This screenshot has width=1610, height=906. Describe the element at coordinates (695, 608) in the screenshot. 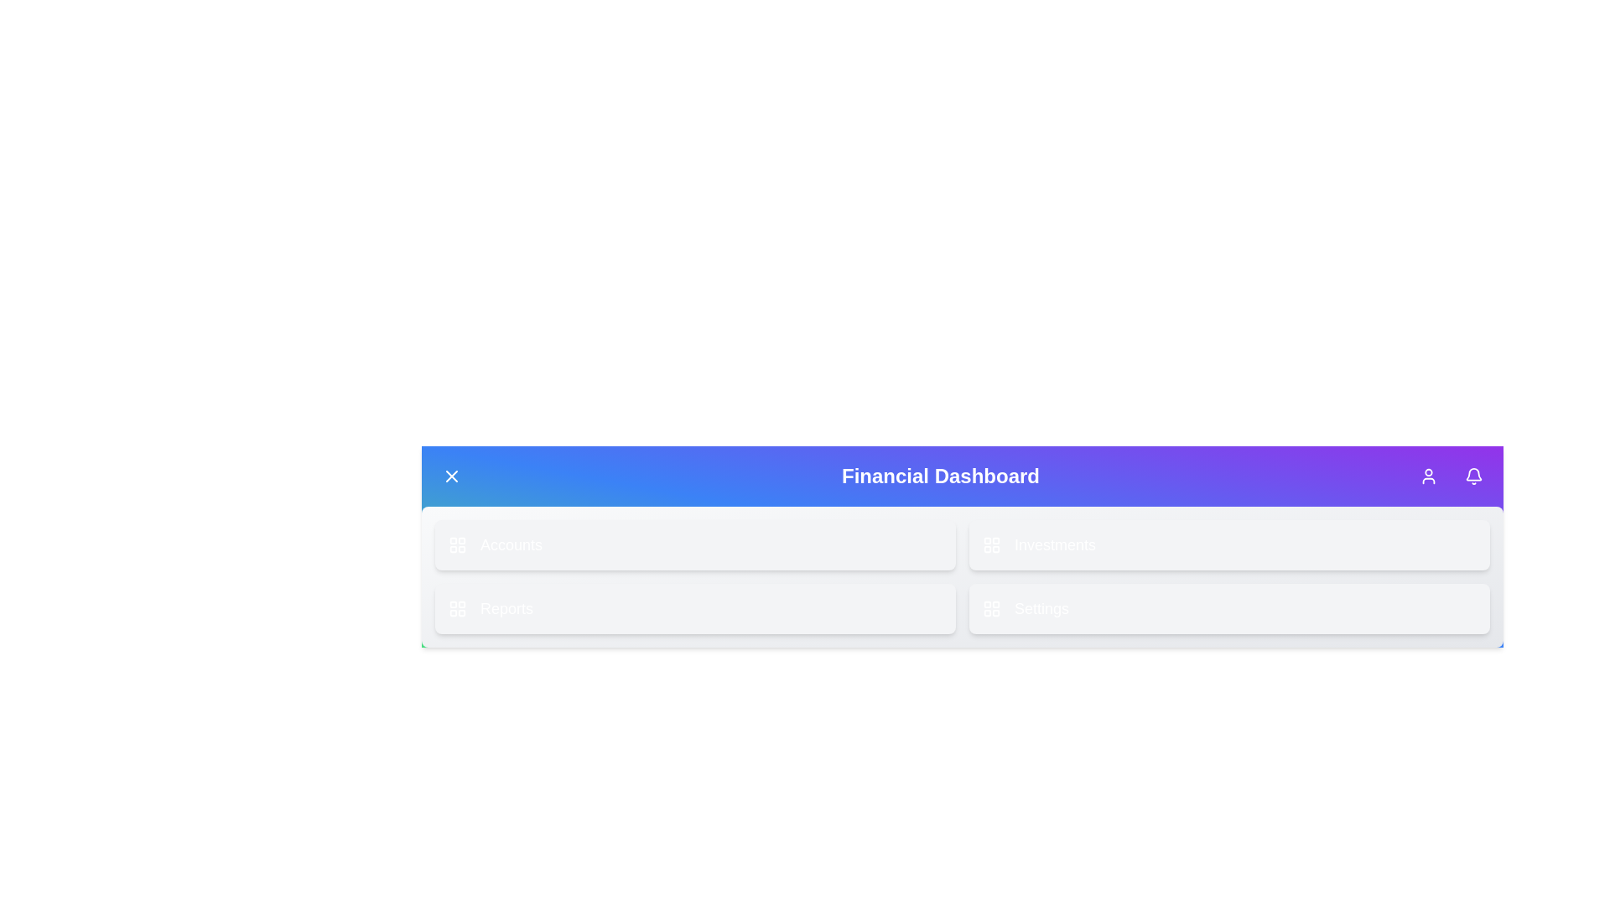

I see `the 'Reports' button to navigate to the Reports section` at that location.